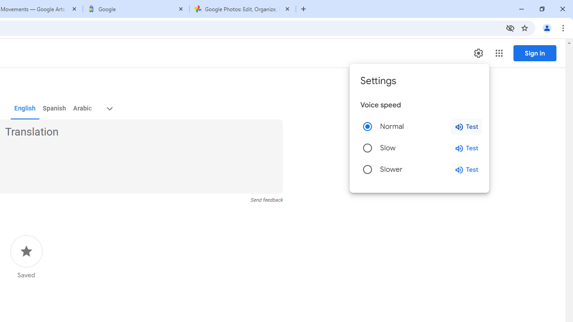  I want to click on 'Test slower speed', so click(466, 169).